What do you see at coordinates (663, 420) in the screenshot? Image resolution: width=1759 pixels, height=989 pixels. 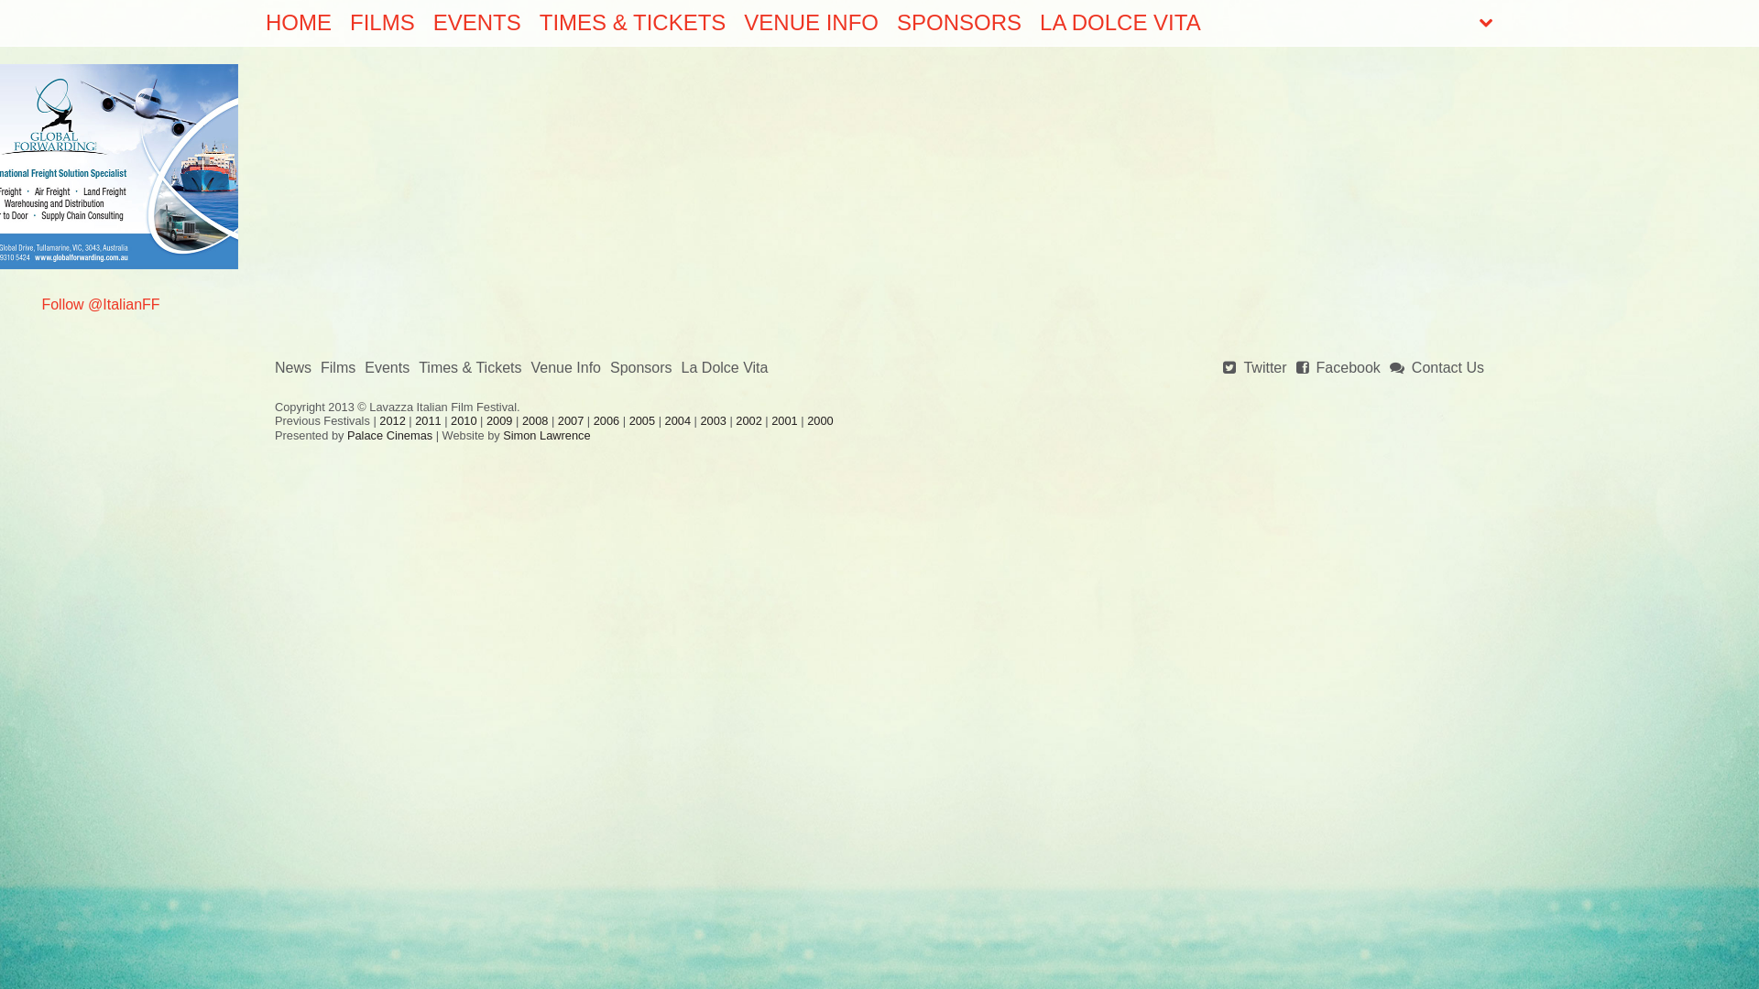 I see `'2004'` at bounding box center [663, 420].